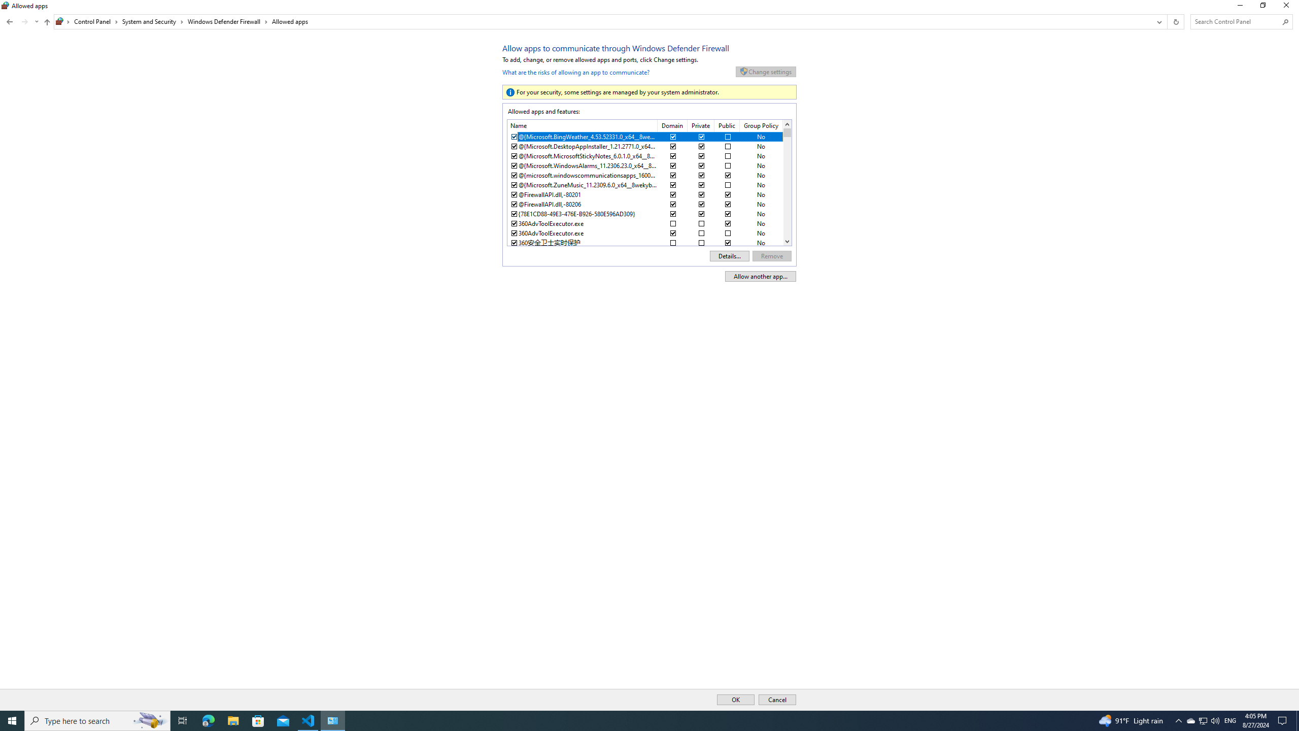 The image size is (1299, 731). Describe the element at coordinates (777, 700) in the screenshot. I see `'Cancel'` at that location.